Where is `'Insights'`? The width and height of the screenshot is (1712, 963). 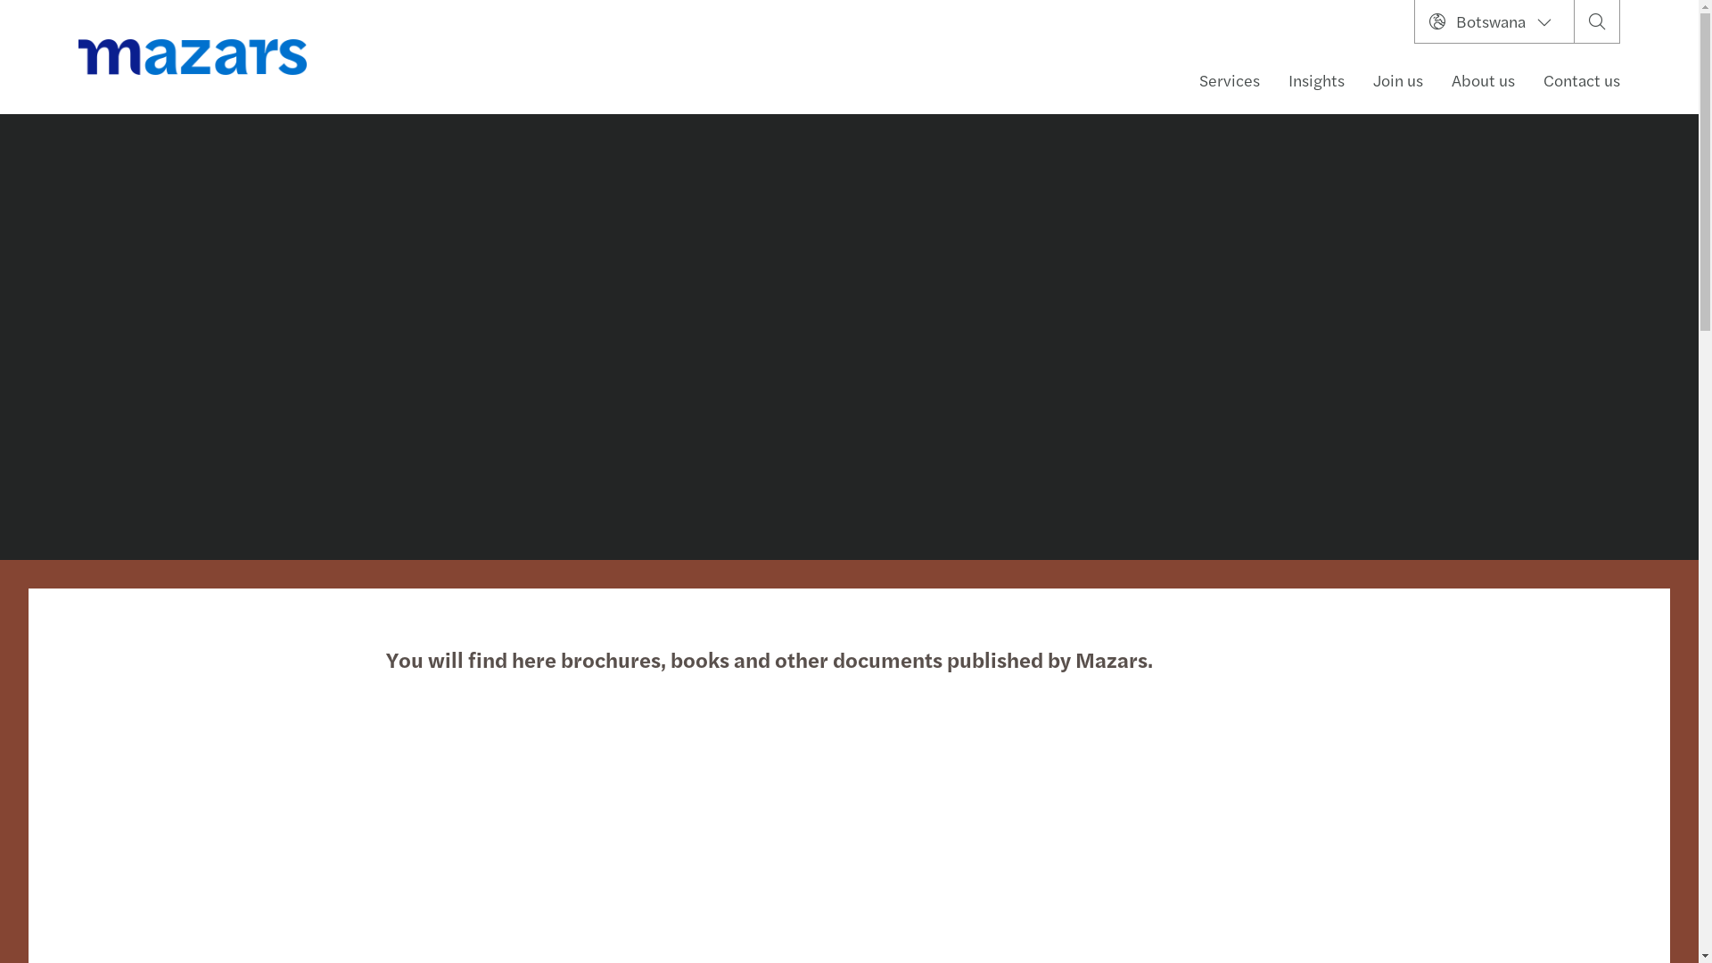
'Insights' is located at coordinates (1316, 78).